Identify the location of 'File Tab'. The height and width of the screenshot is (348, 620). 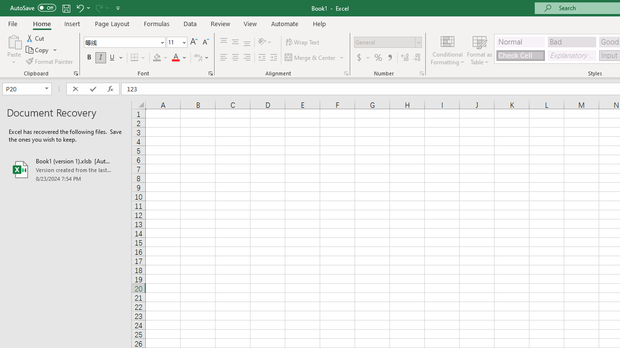
(13, 23).